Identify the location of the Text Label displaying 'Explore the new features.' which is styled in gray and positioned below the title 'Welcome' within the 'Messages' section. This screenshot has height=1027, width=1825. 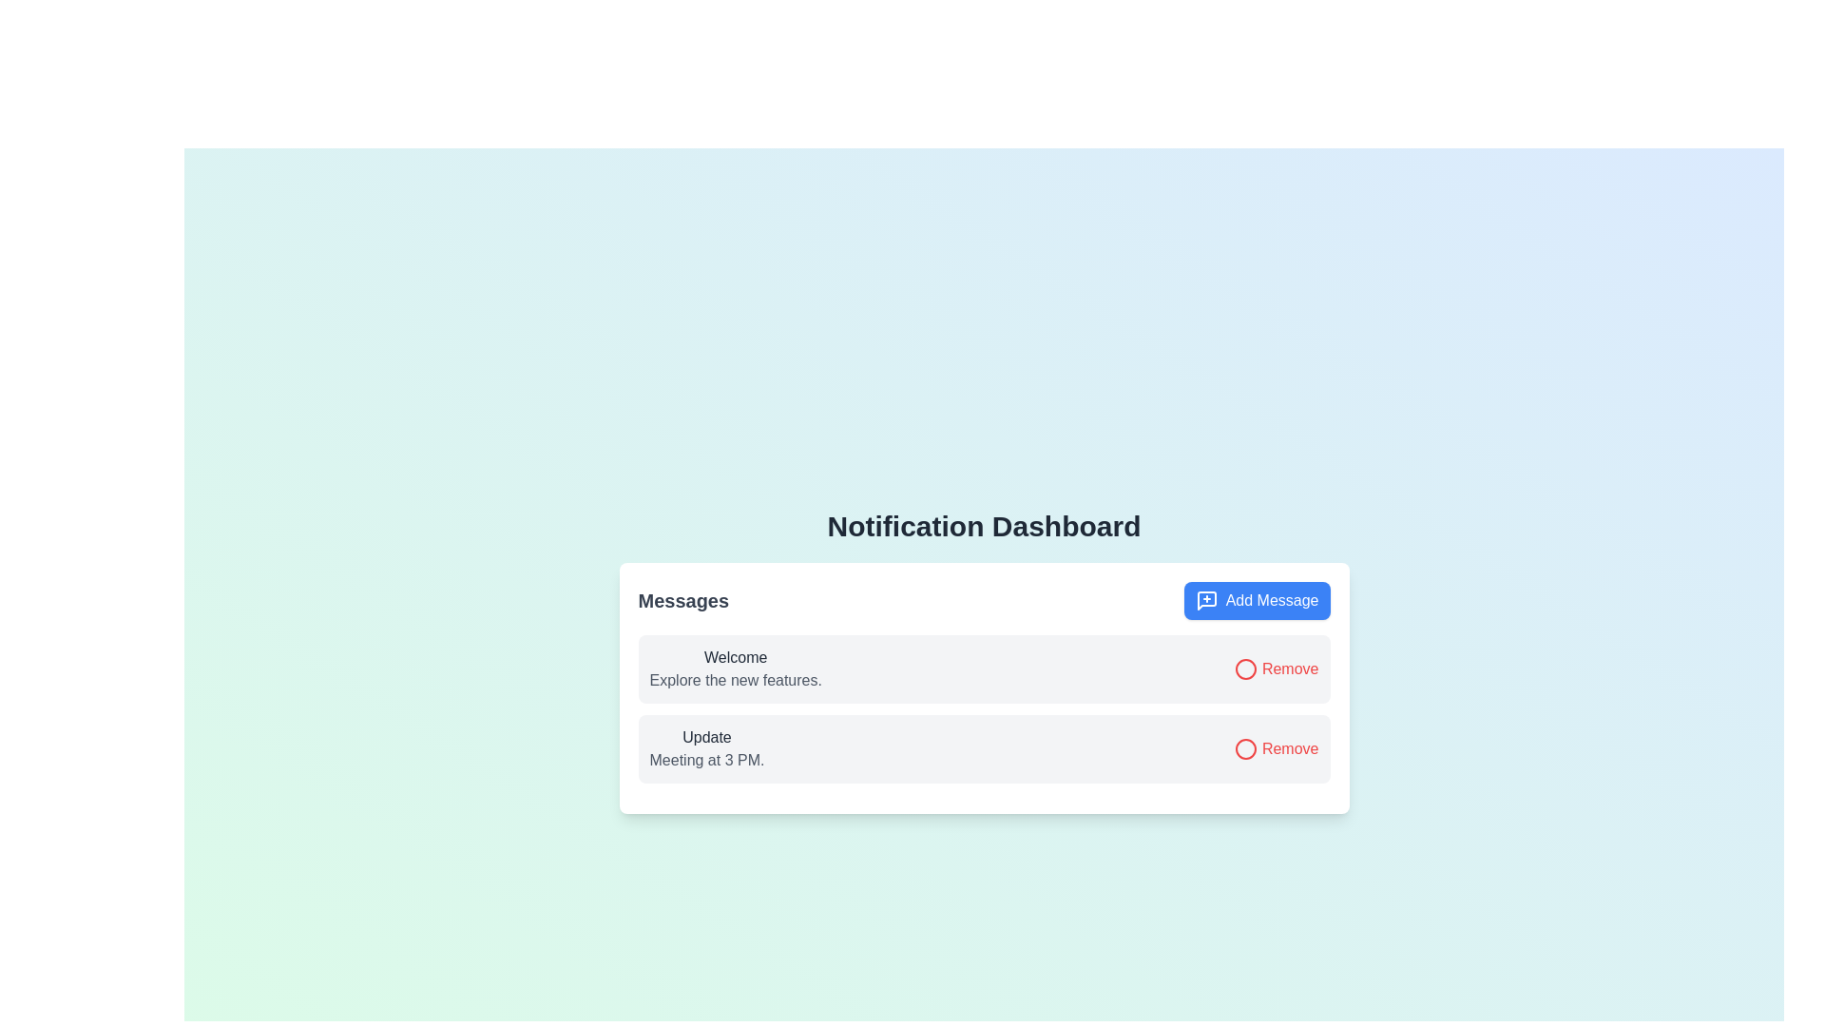
(735, 680).